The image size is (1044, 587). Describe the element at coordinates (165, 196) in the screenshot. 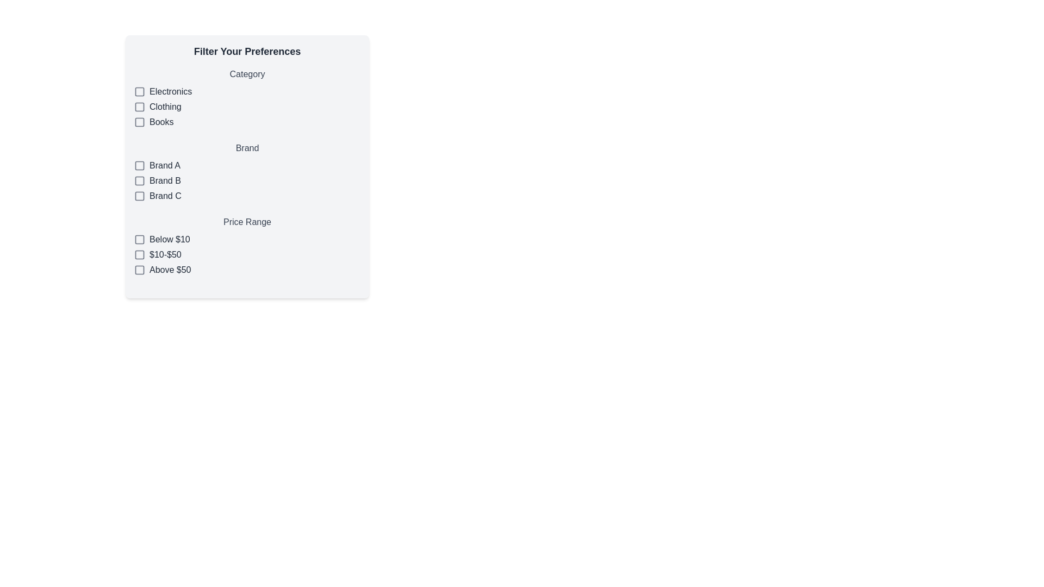

I see `the informative text label for 'Brand C' which is the third item under the 'Brand' section of the filter menu` at that location.